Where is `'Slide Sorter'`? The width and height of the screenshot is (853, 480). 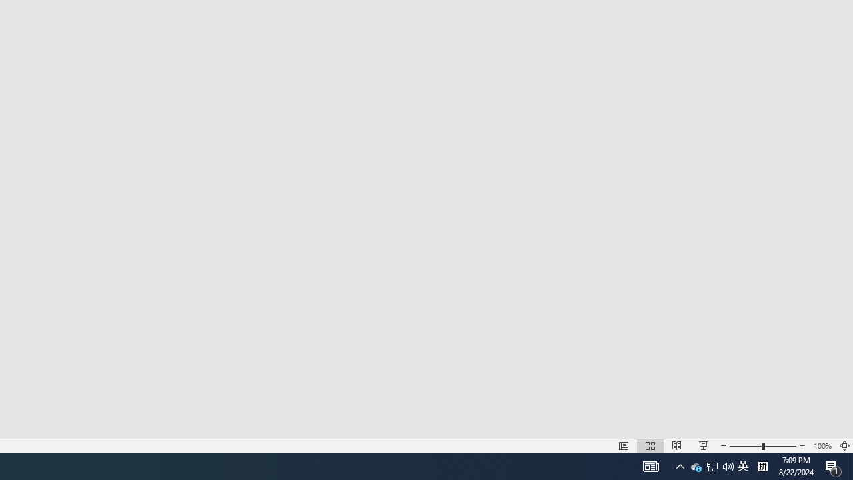
'Slide Sorter' is located at coordinates (650, 446).